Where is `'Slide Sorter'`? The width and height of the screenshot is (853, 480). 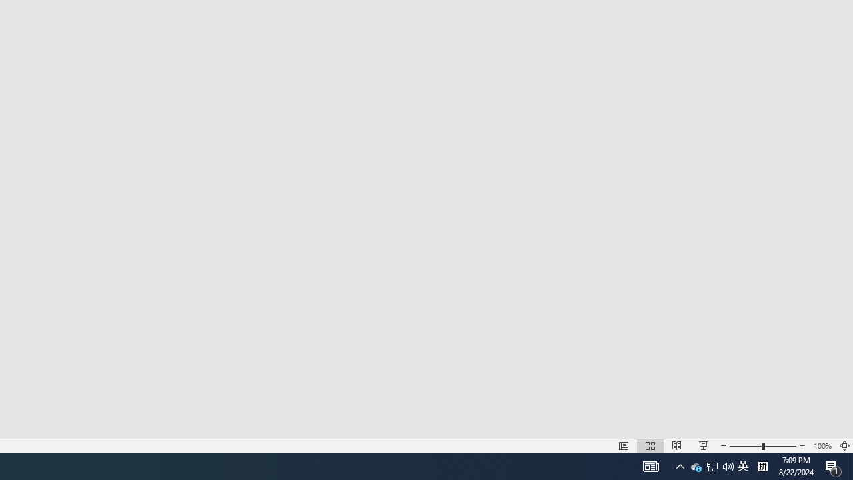
'Slide Sorter' is located at coordinates (650, 446).